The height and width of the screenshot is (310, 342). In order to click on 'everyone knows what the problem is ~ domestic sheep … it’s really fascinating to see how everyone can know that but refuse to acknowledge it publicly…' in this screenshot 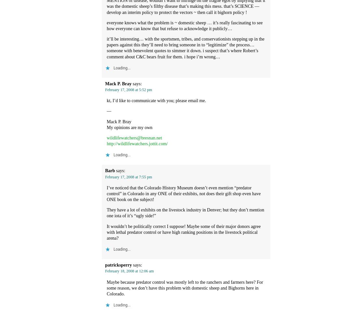, I will do `click(184, 25)`.